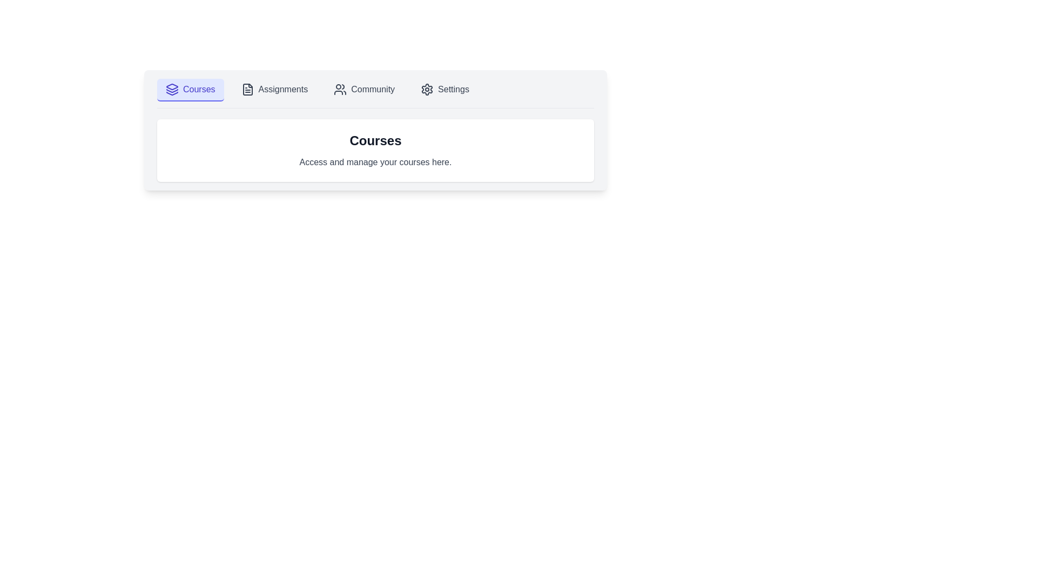 The width and height of the screenshot is (1037, 583). What do you see at coordinates (427, 89) in the screenshot?
I see `the leftmost icon within the 'Settings' button in the top navigation bar, which is positioned to the left of the text 'Settings'` at bounding box center [427, 89].